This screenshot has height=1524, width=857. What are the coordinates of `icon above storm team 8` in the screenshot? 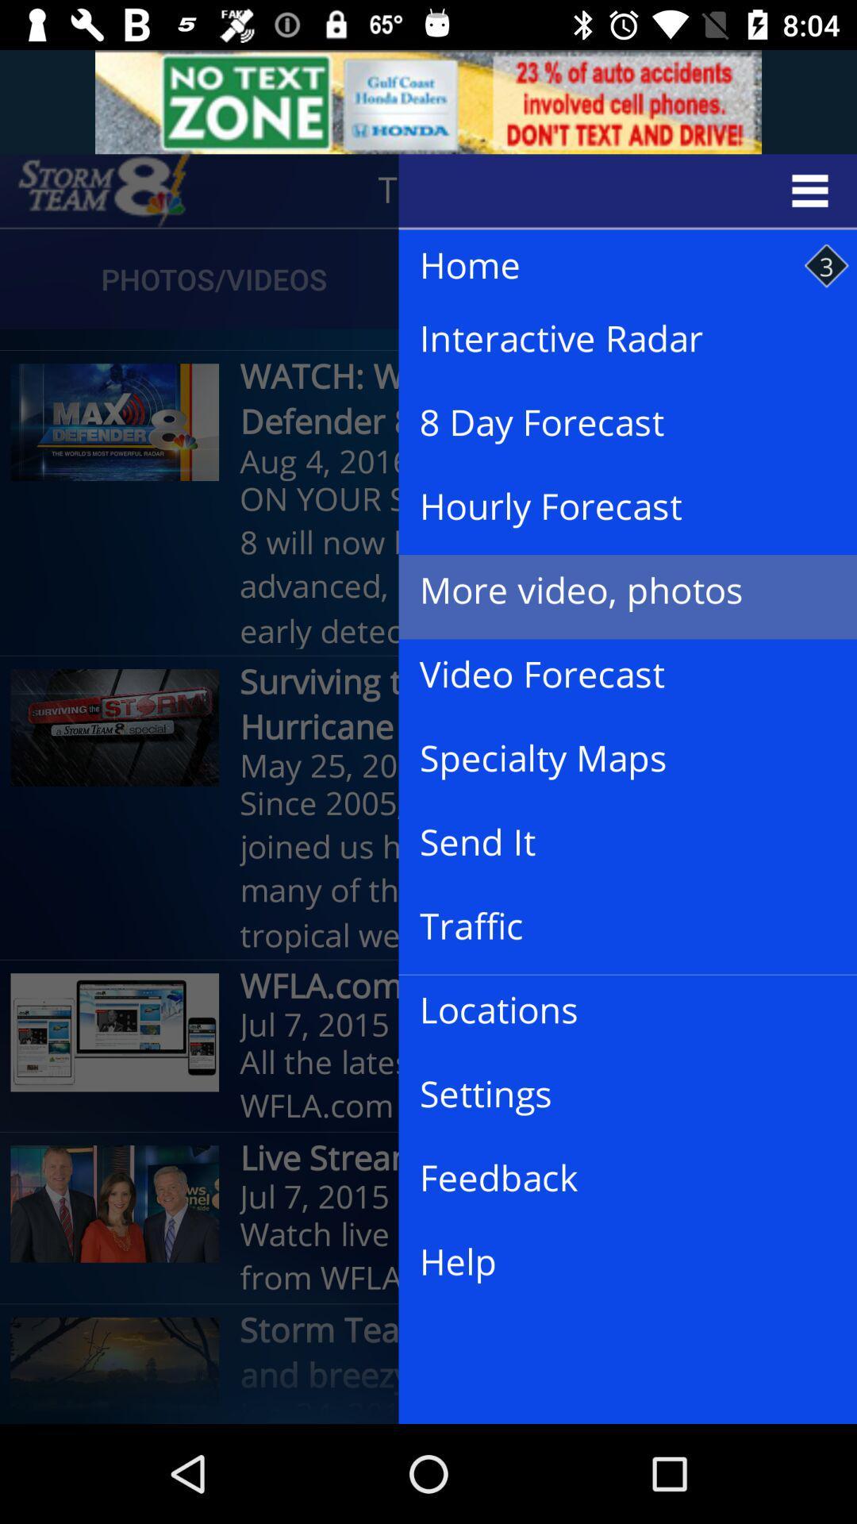 It's located at (614, 1262).